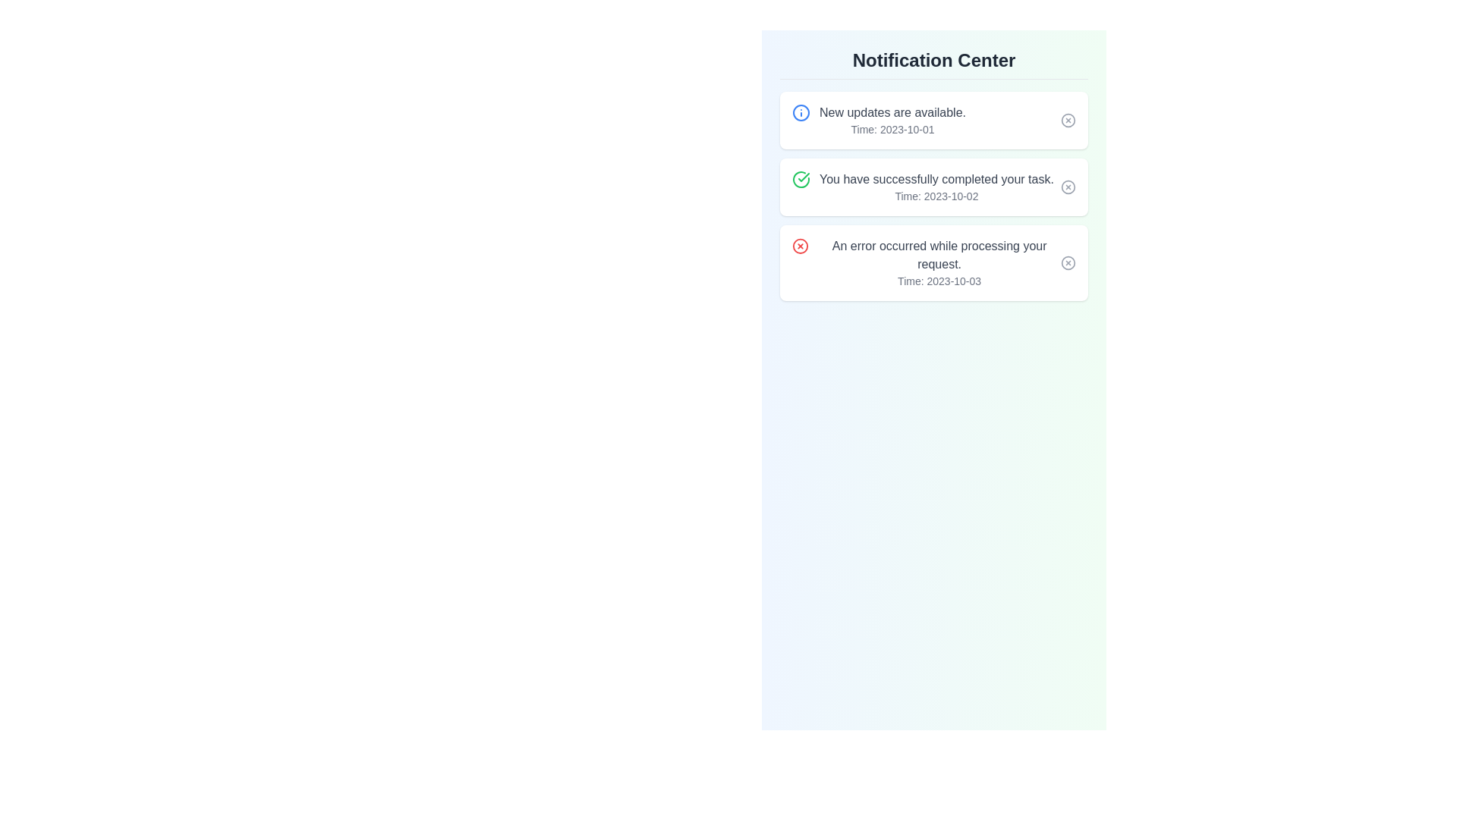 This screenshot has width=1457, height=819. What do you see at coordinates (801, 112) in the screenshot?
I see `the circular icon with a blue outline, featuring a vertical line and a small dot, located in the first notification card of the 'Notification Center' panel` at bounding box center [801, 112].